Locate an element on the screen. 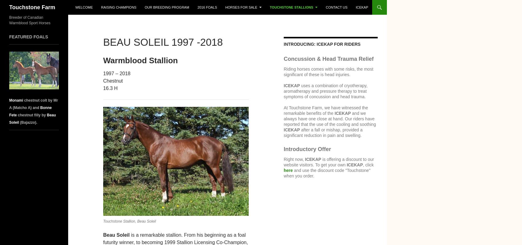  'Warmblood Stallion' is located at coordinates (140, 60).